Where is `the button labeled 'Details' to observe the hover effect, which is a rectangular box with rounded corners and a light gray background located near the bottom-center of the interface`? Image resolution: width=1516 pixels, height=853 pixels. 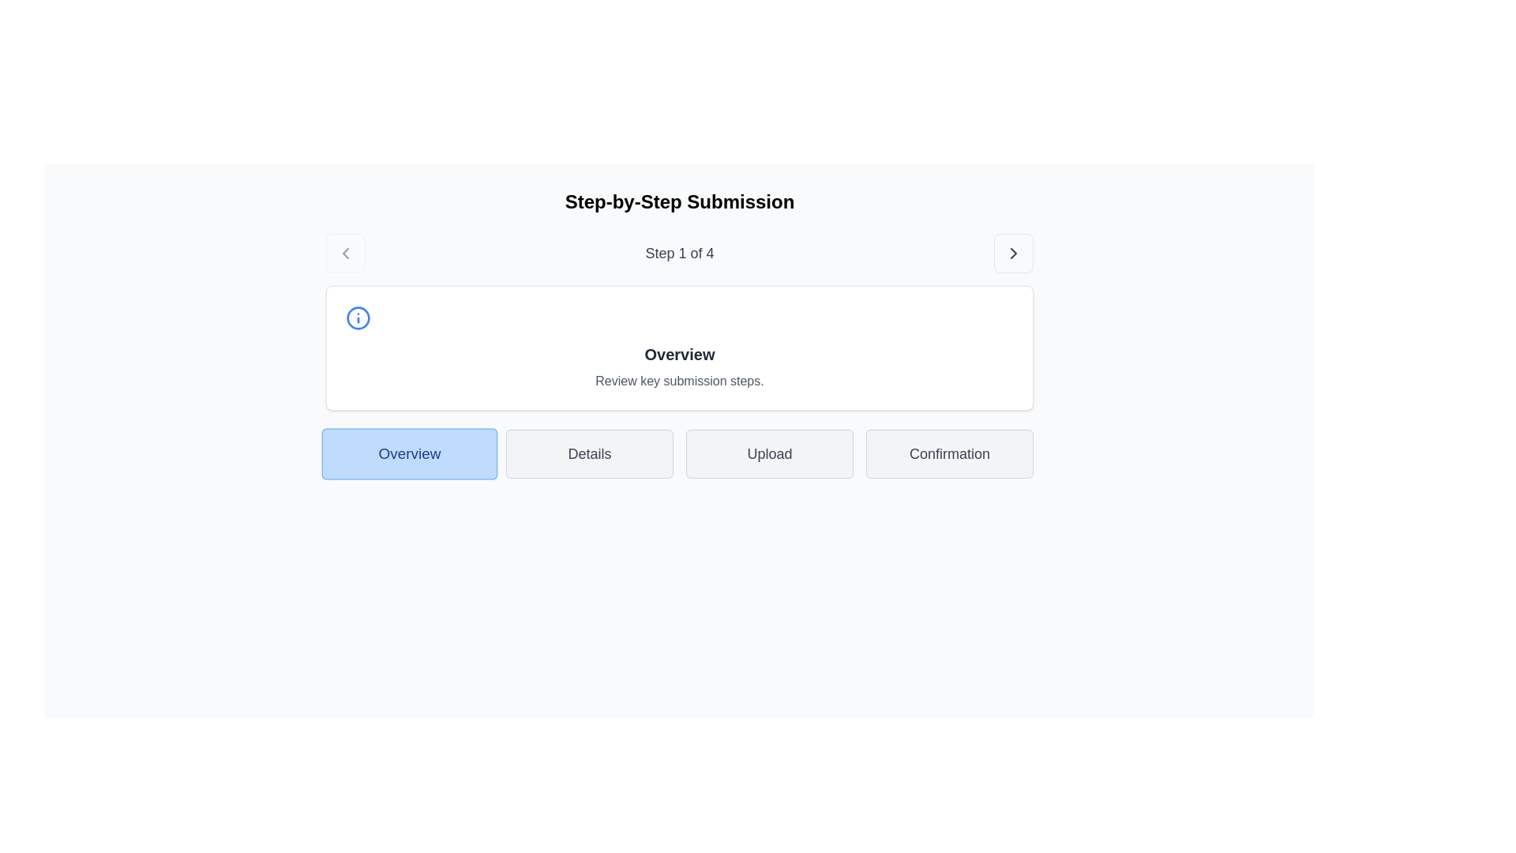
the button labeled 'Details' to observe the hover effect, which is a rectangular box with rounded corners and a light gray background located near the bottom-center of the interface is located at coordinates (589, 453).